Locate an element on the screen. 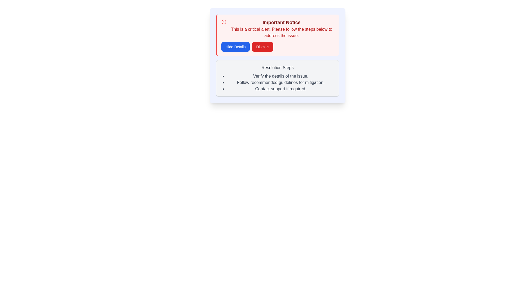  the title text of the notification, which is located at the top-center of the window and indicates the importance of the alert is located at coordinates (281, 22).